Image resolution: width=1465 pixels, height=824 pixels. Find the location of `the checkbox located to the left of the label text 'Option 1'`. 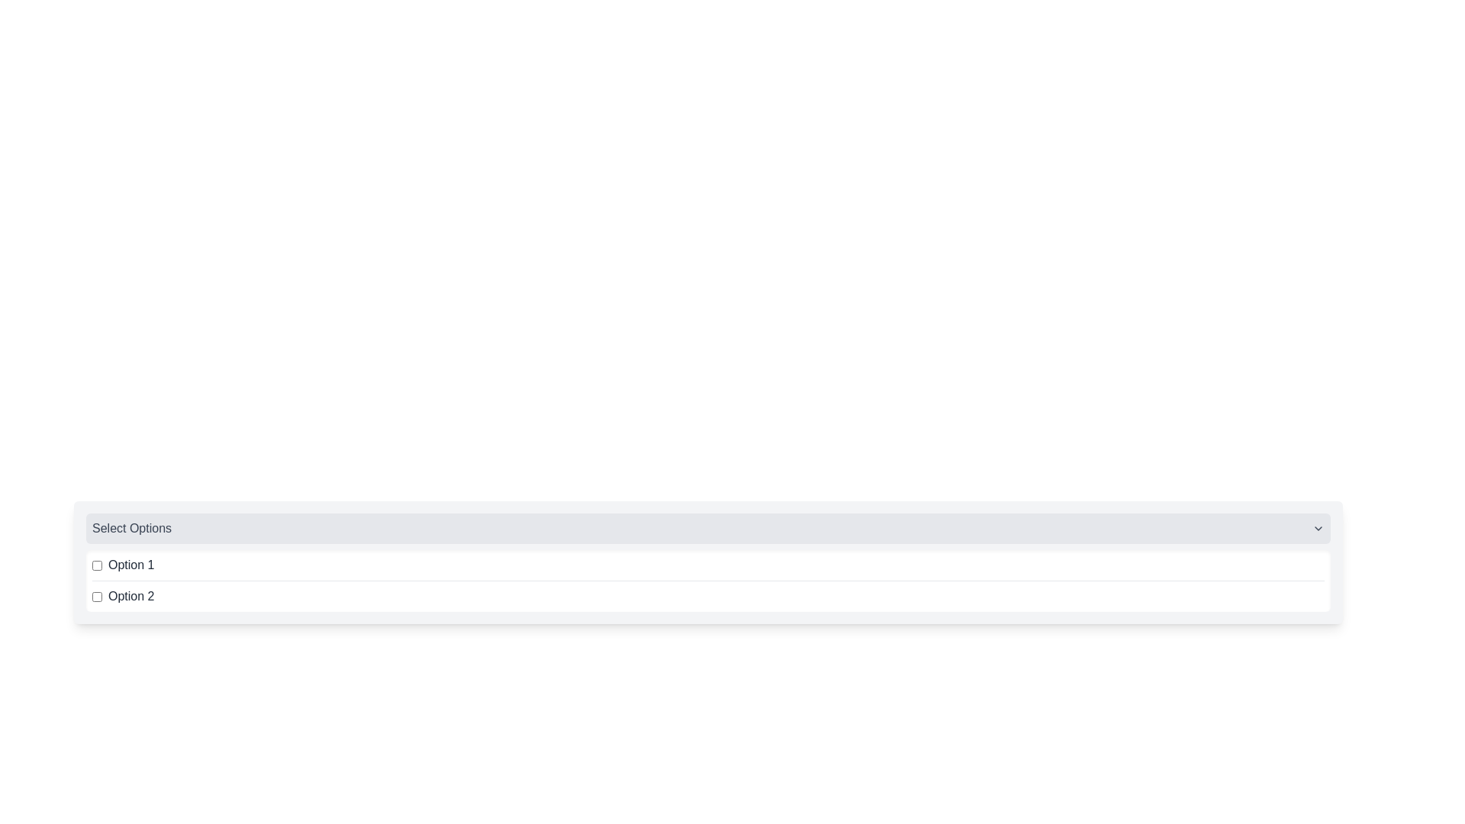

the checkbox located to the left of the label text 'Option 1' is located at coordinates (96, 565).